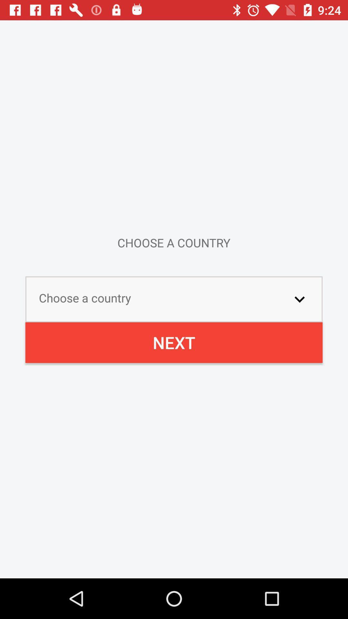  Describe the element at coordinates (299, 299) in the screenshot. I see `the item next to choose a country icon` at that location.